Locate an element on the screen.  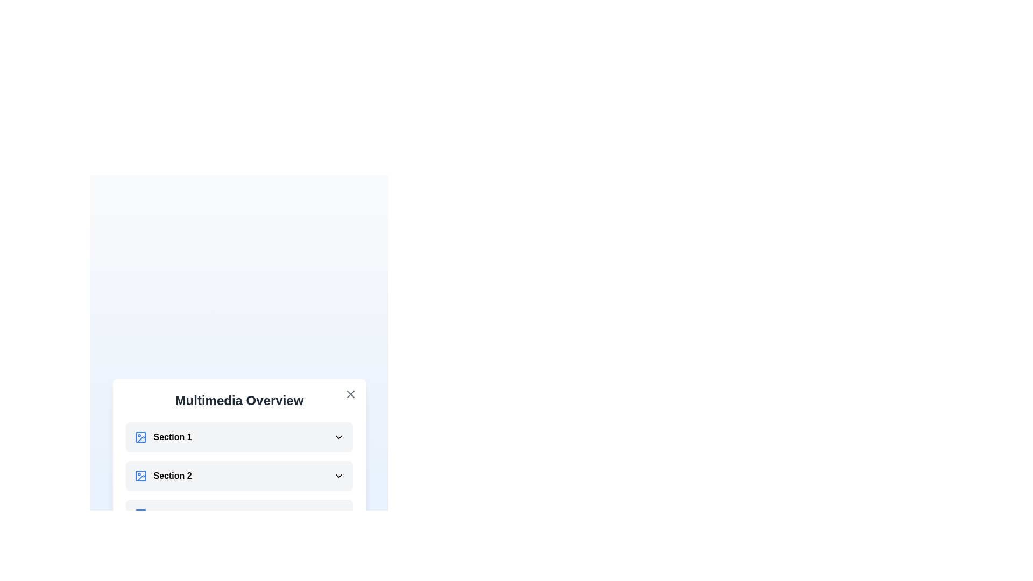
the close button icon in the top-right corner of the 'Multimedia Overview' modal is located at coordinates (351, 394).